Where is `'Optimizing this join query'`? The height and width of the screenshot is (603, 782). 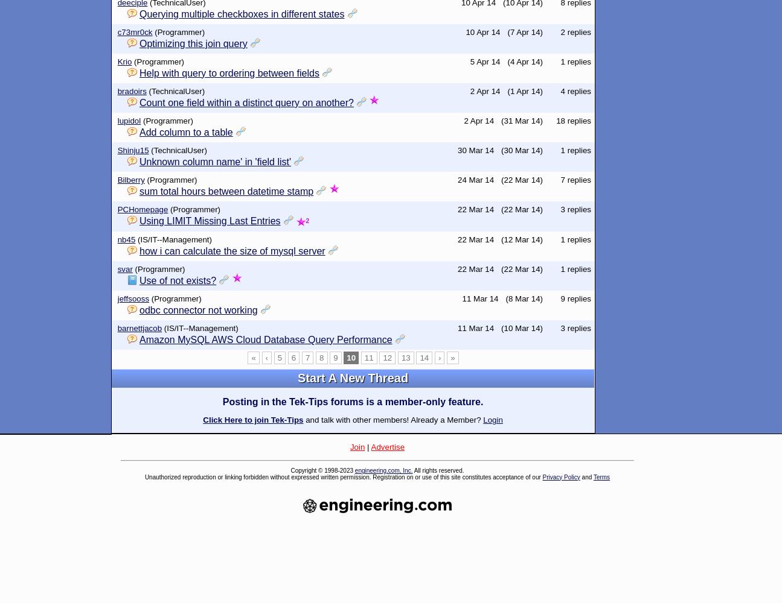 'Optimizing this join query' is located at coordinates (193, 42).